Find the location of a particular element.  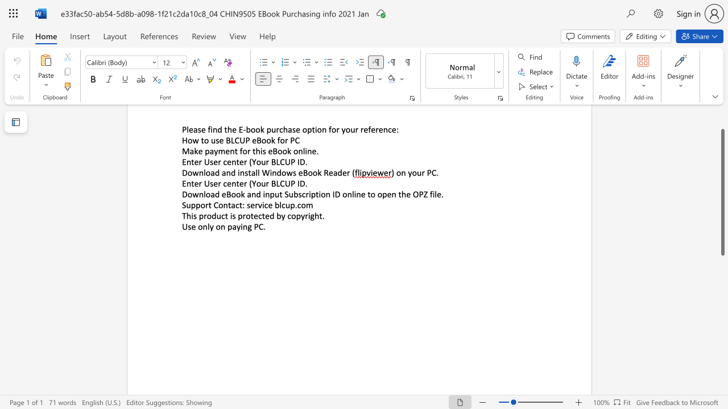

the scrollbar and move down 510 pixels is located at coordinates (722, 191).